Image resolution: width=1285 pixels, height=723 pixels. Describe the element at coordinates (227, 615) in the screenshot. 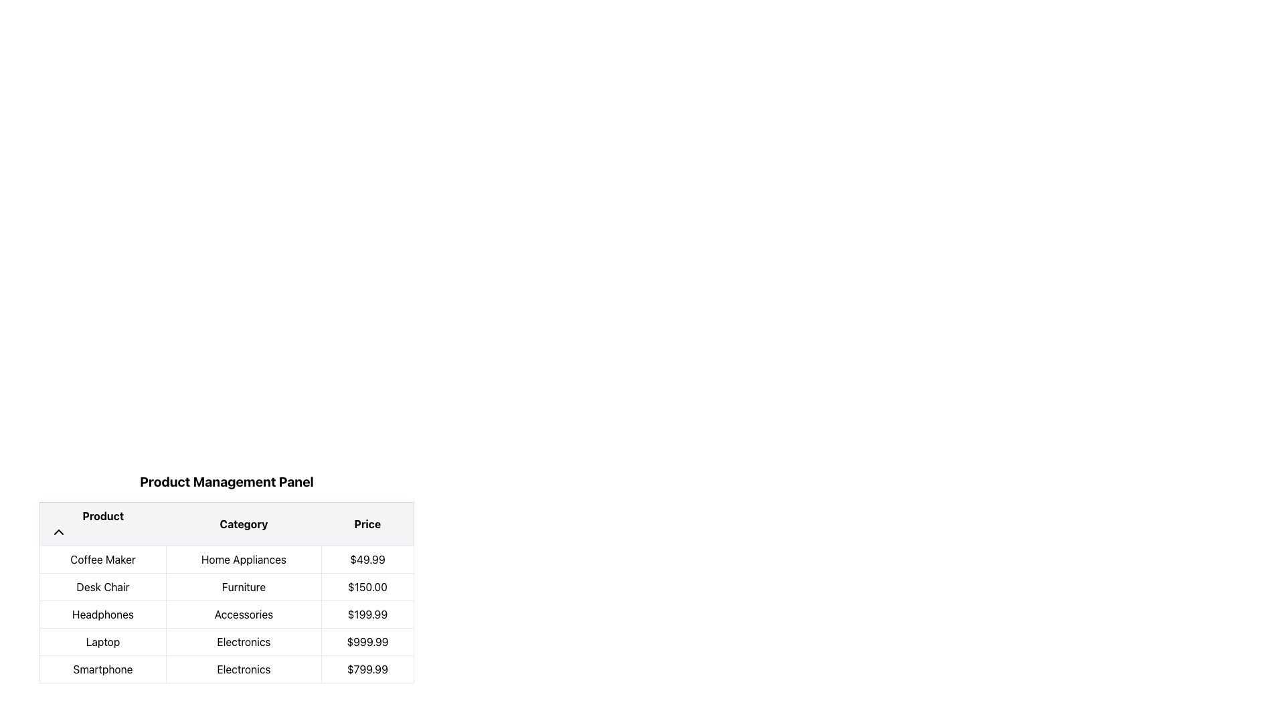

I see `the static text label displaying the category 'Accessories' in the third row of the product management table under the 'Category' column` at that location.